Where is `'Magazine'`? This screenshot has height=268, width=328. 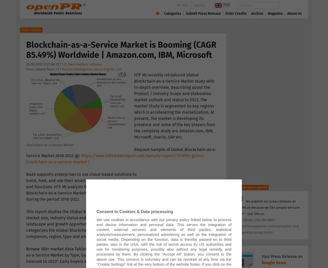 'Magazine' is located at coordinates (275, 13).